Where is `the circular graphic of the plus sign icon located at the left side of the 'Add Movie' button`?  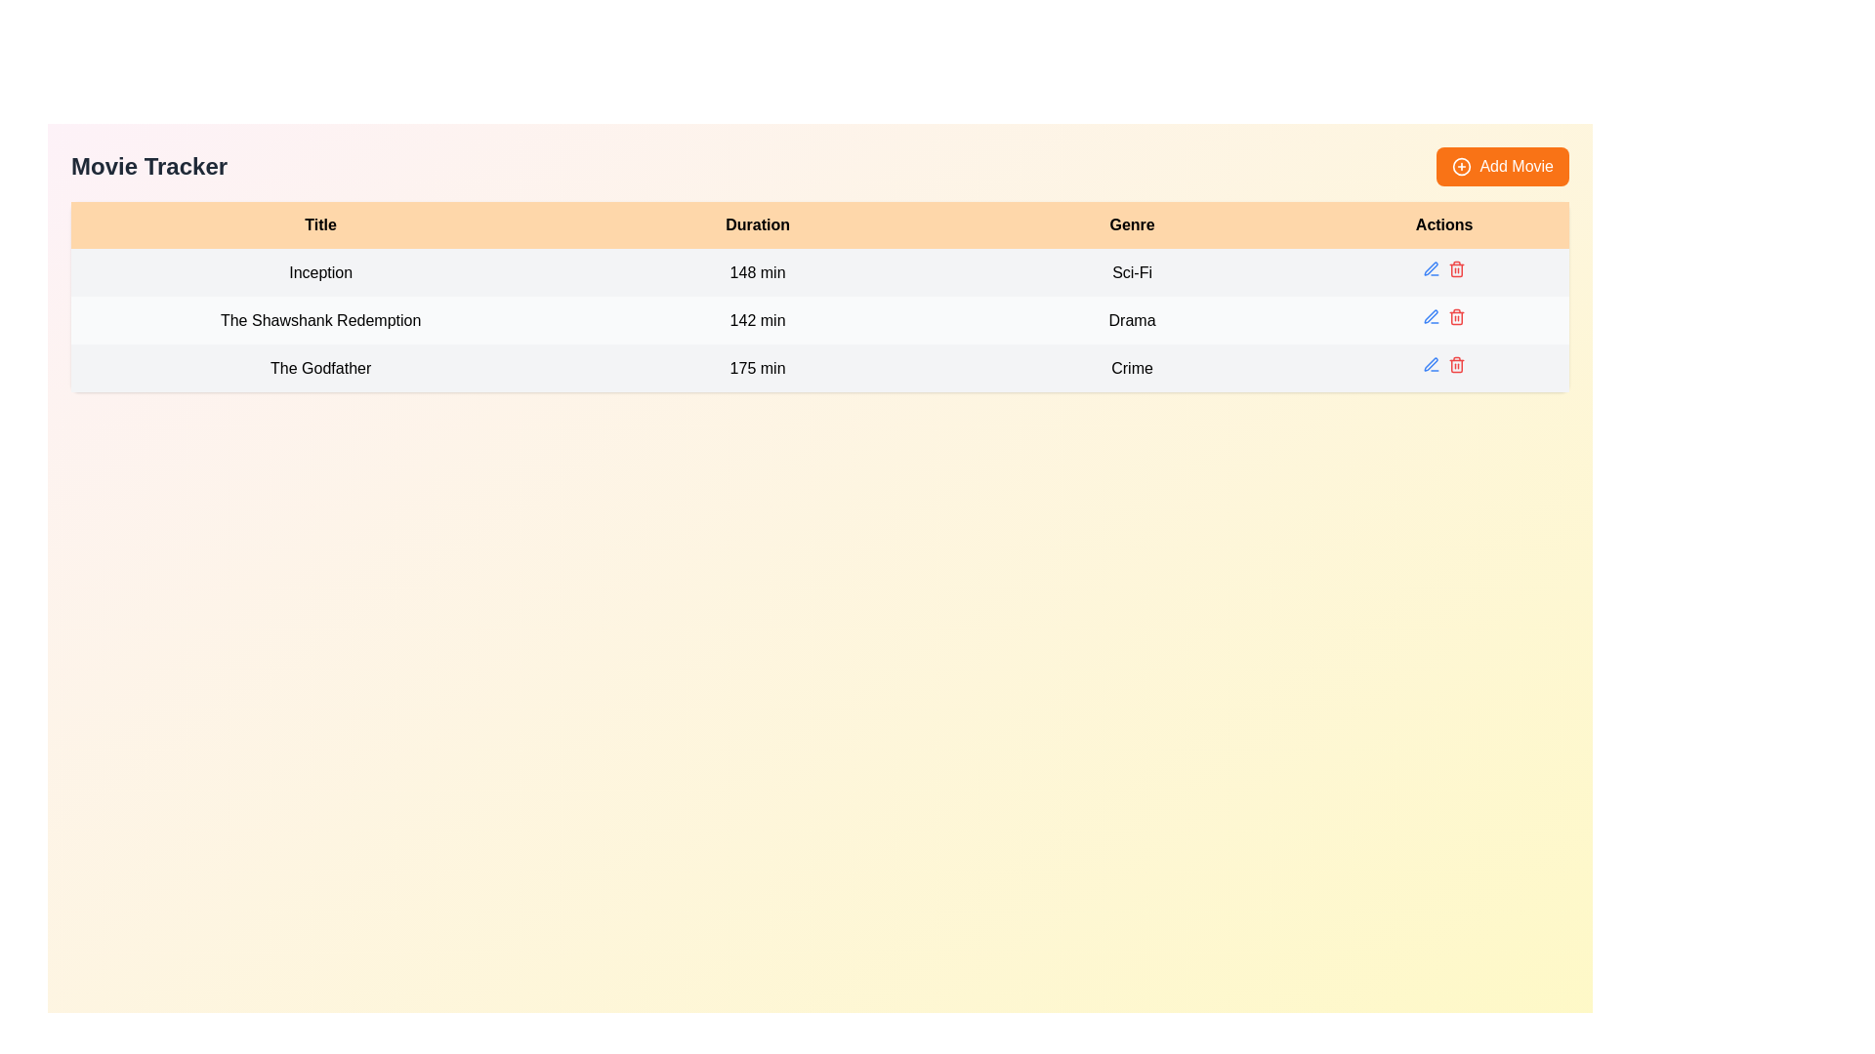 the circular graphic of the plus sign icon located at the left side of the 'Add Movie' button is located at coordinates (1462, 165).